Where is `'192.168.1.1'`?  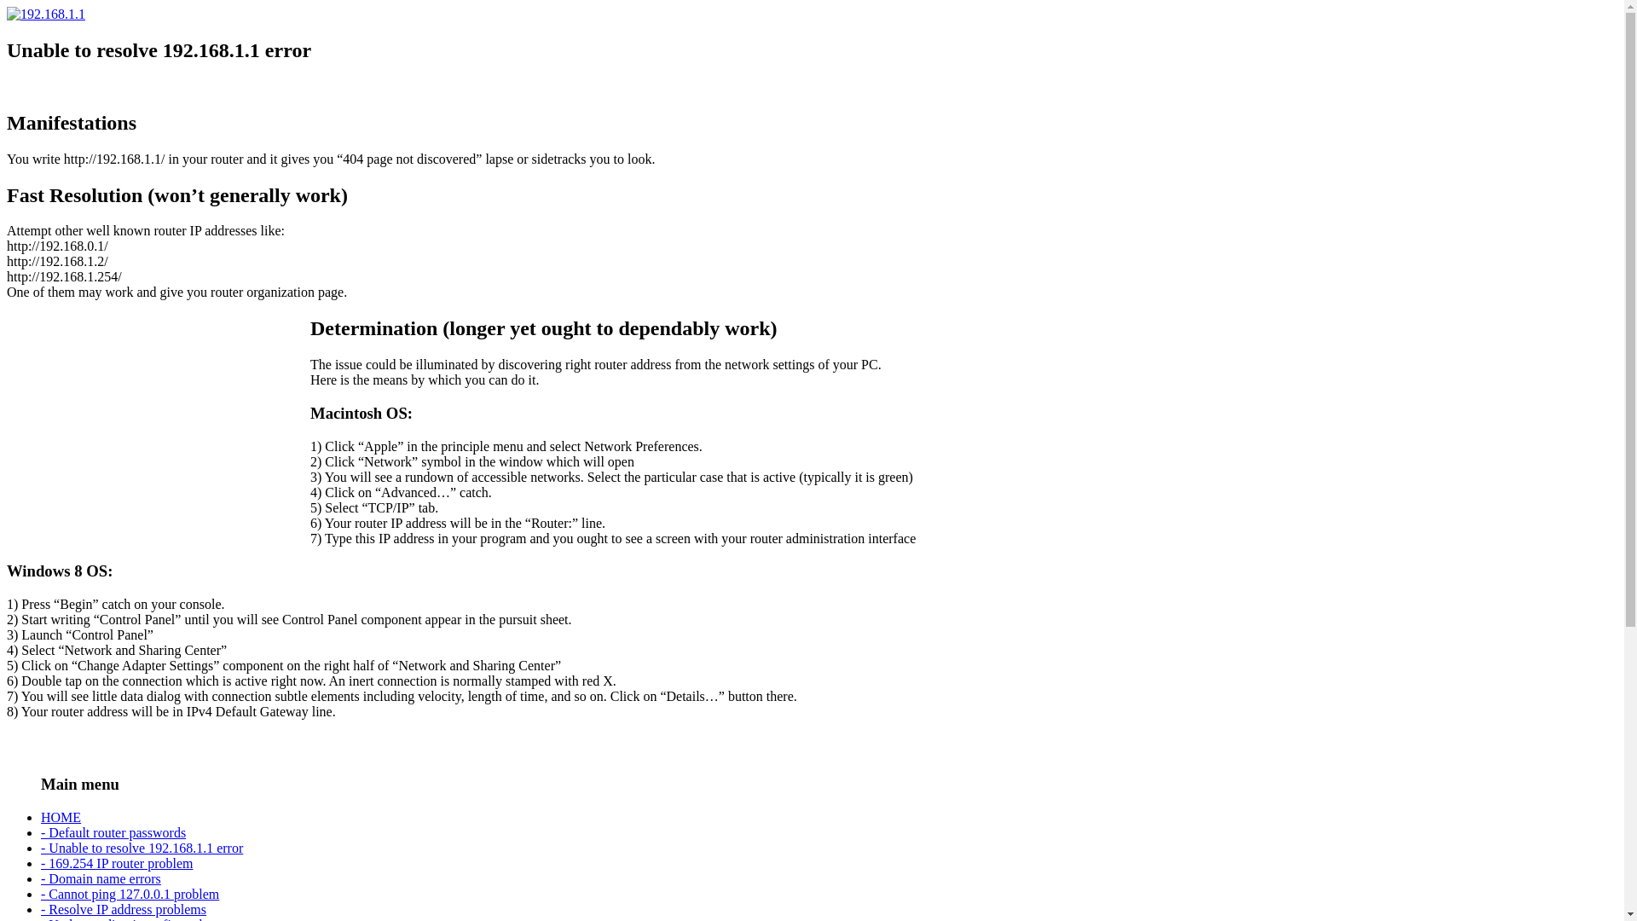
'192.168.1.1' is located at coordinates (7, 14).